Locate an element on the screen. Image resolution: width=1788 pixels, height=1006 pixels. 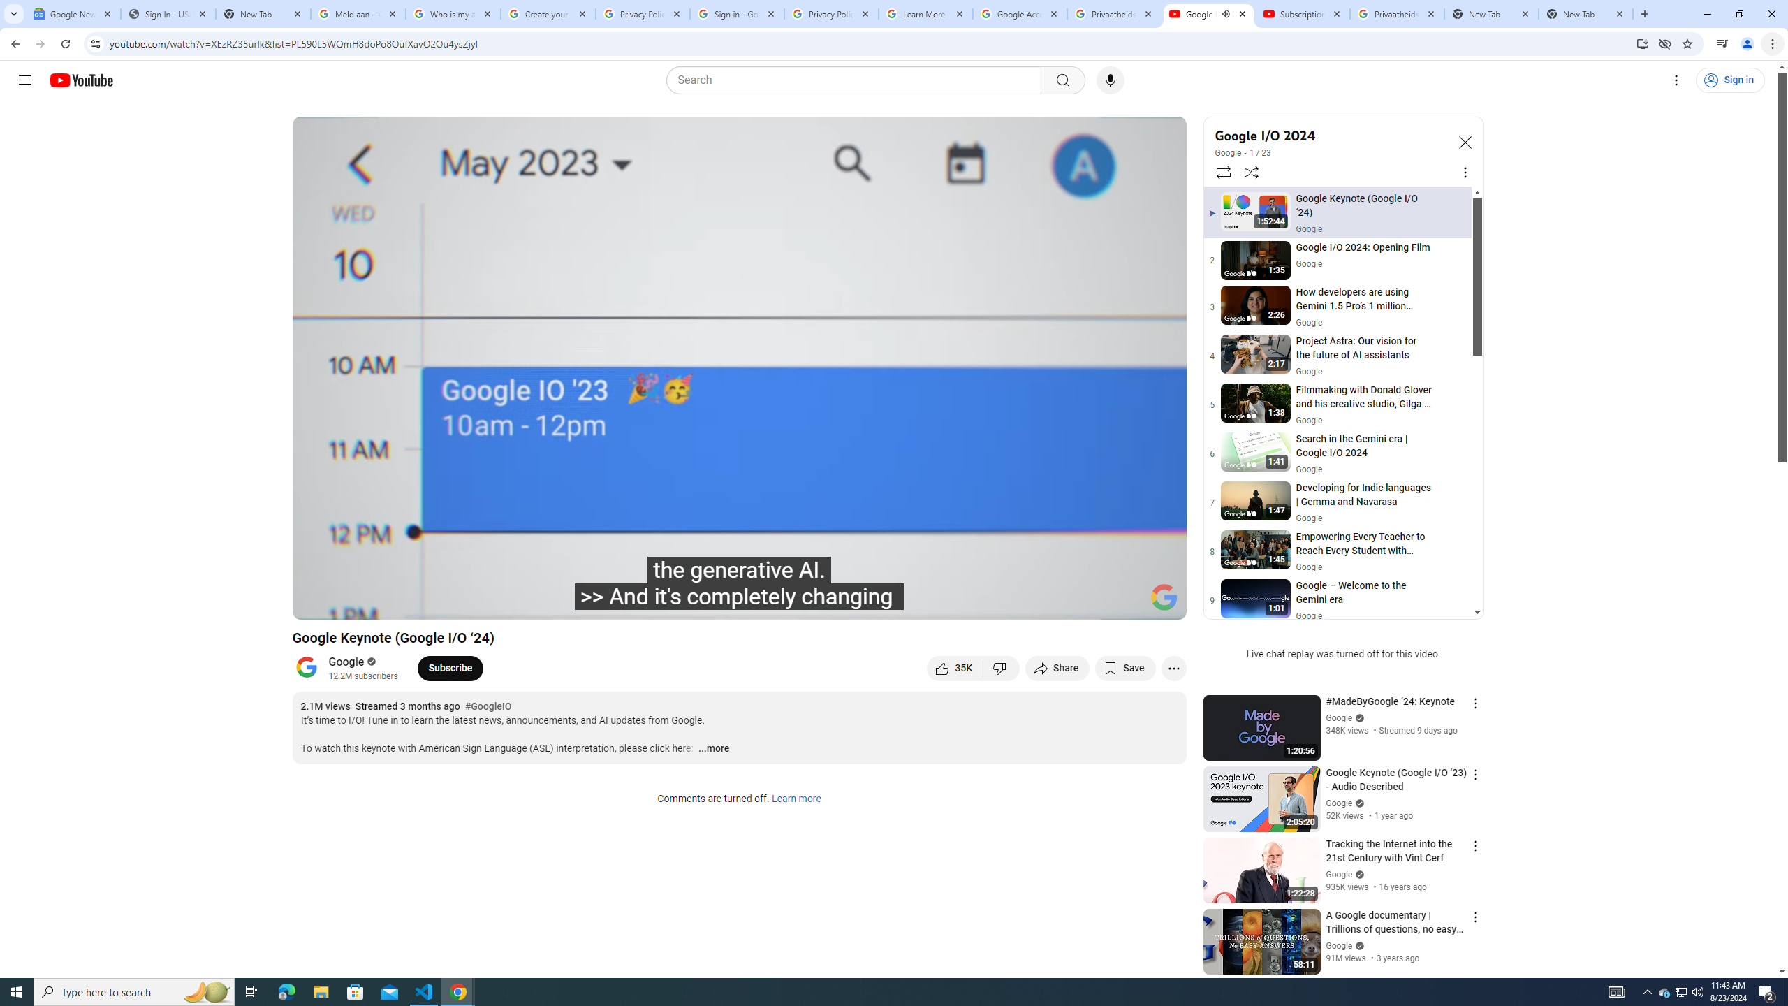
'Save to playlist' is located at coordinates (1124, 667).